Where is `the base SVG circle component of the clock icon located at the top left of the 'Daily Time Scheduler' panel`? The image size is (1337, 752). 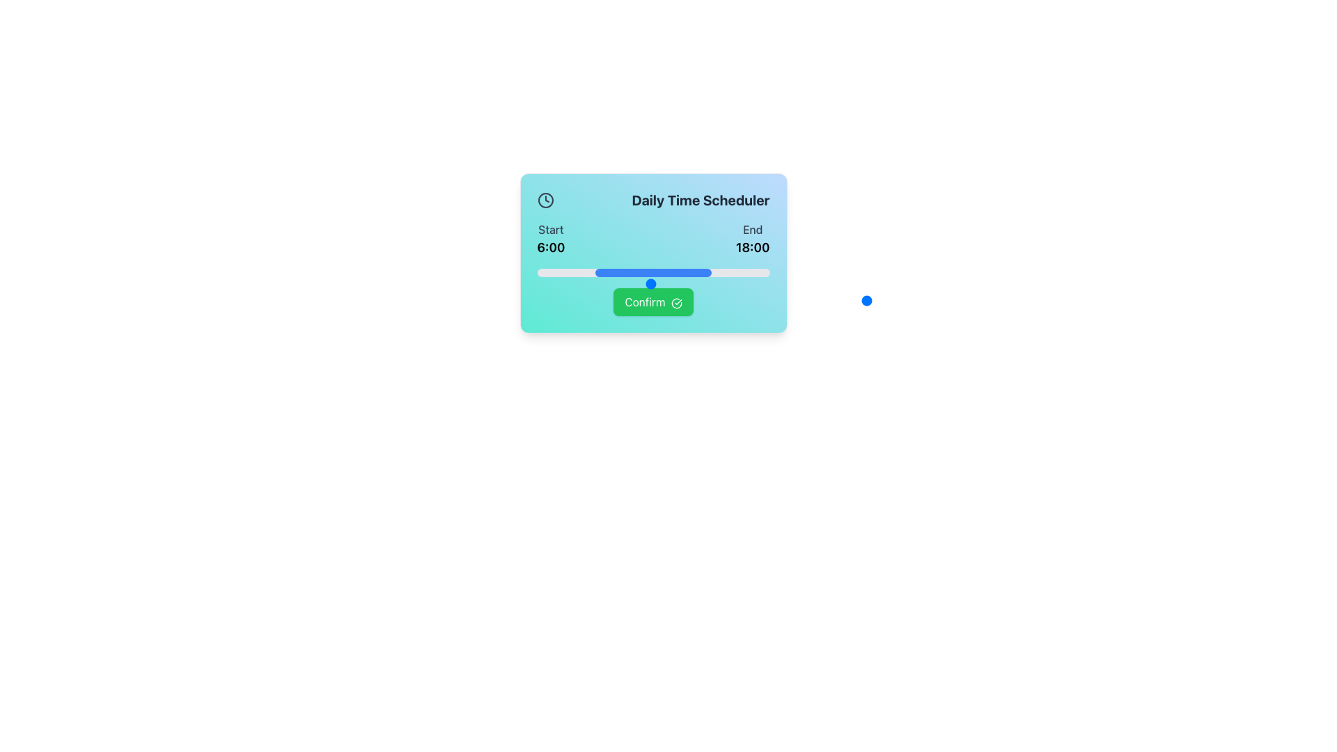
the base SVG circle component of the clock icon located at the top left of the 'Daily Time Scheduler' panel is located at coordinates (545, 201).